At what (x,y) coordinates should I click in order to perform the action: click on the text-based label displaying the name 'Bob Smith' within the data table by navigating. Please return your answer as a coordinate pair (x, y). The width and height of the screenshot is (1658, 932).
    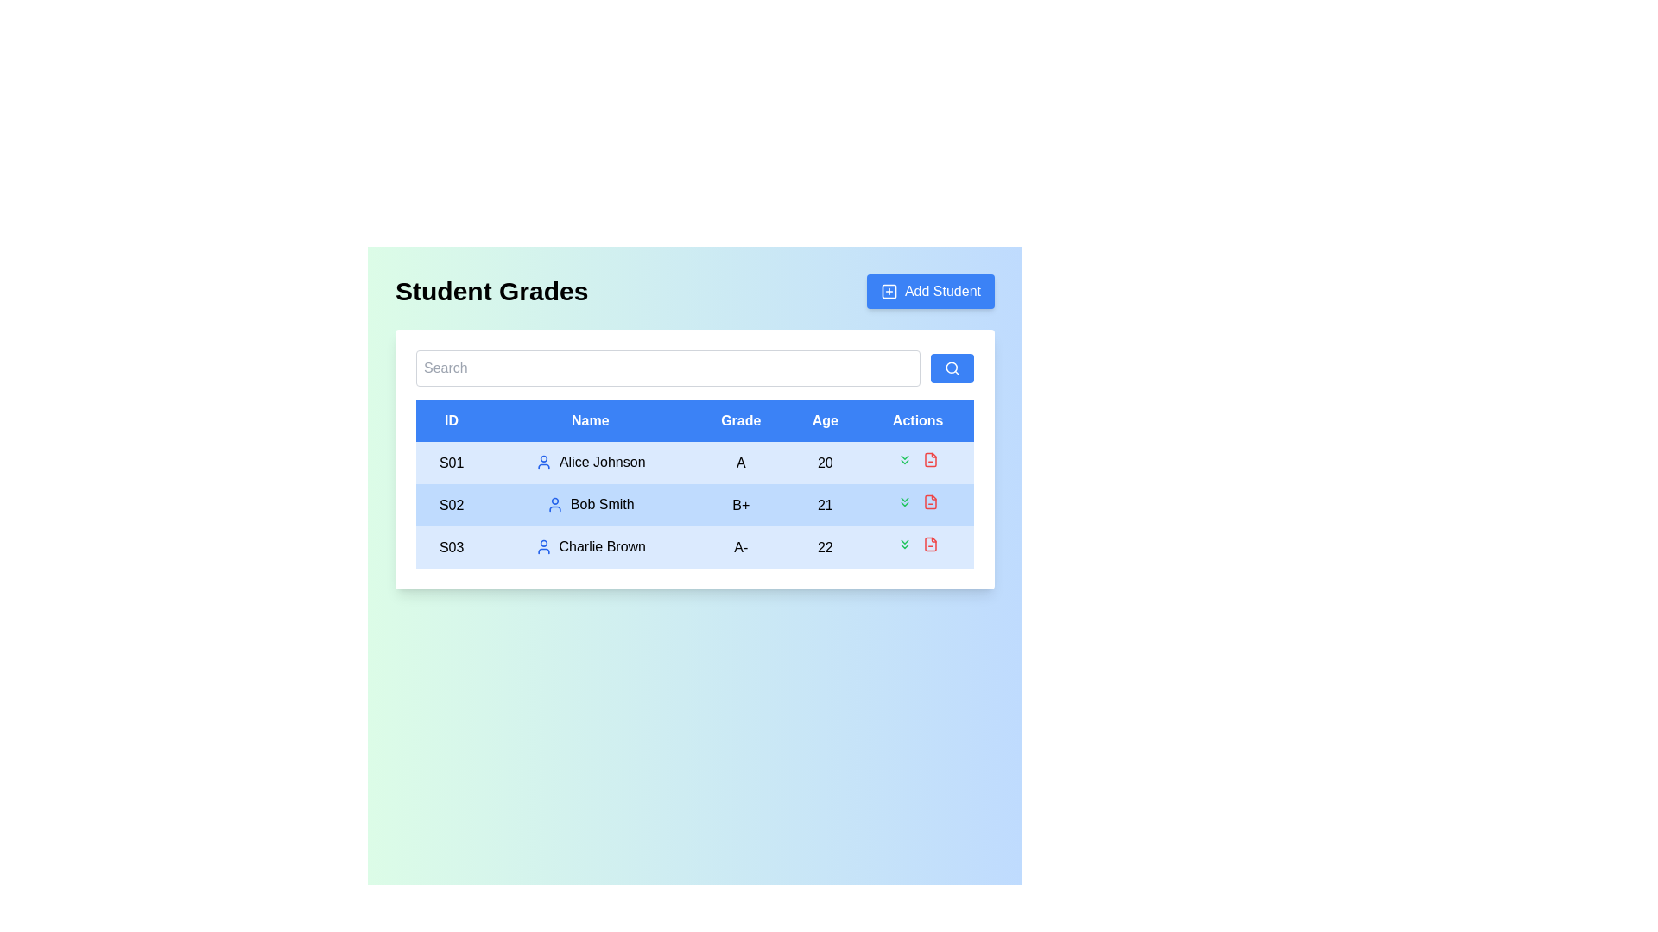
    Looking at the image, I should click on (590, 505).